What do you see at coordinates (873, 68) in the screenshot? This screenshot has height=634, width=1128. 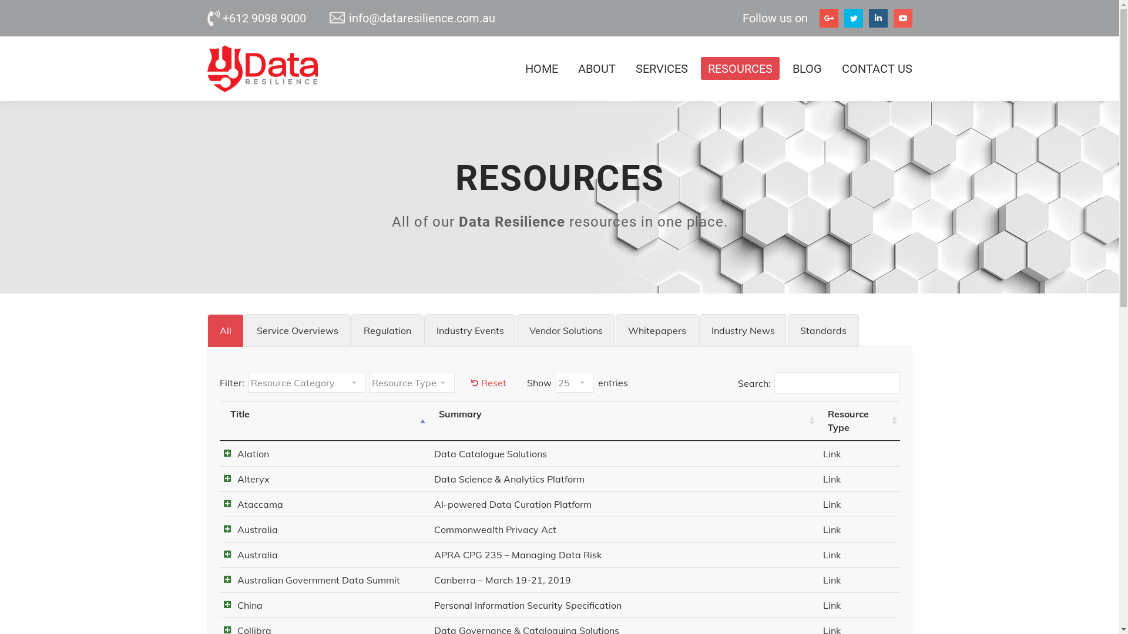 I see `'CONTACT US'` at bounding box center [873, 68].